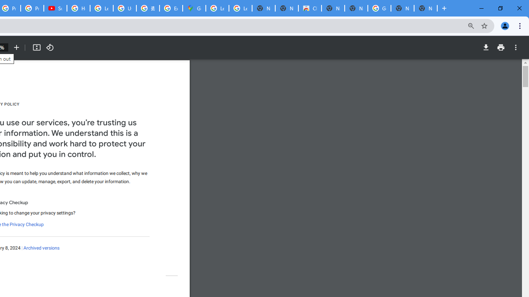 Image resolution: width=529 pixels, height=297 pixels. I want to click on 'Rotate counterclockwise', so click(49, 47).